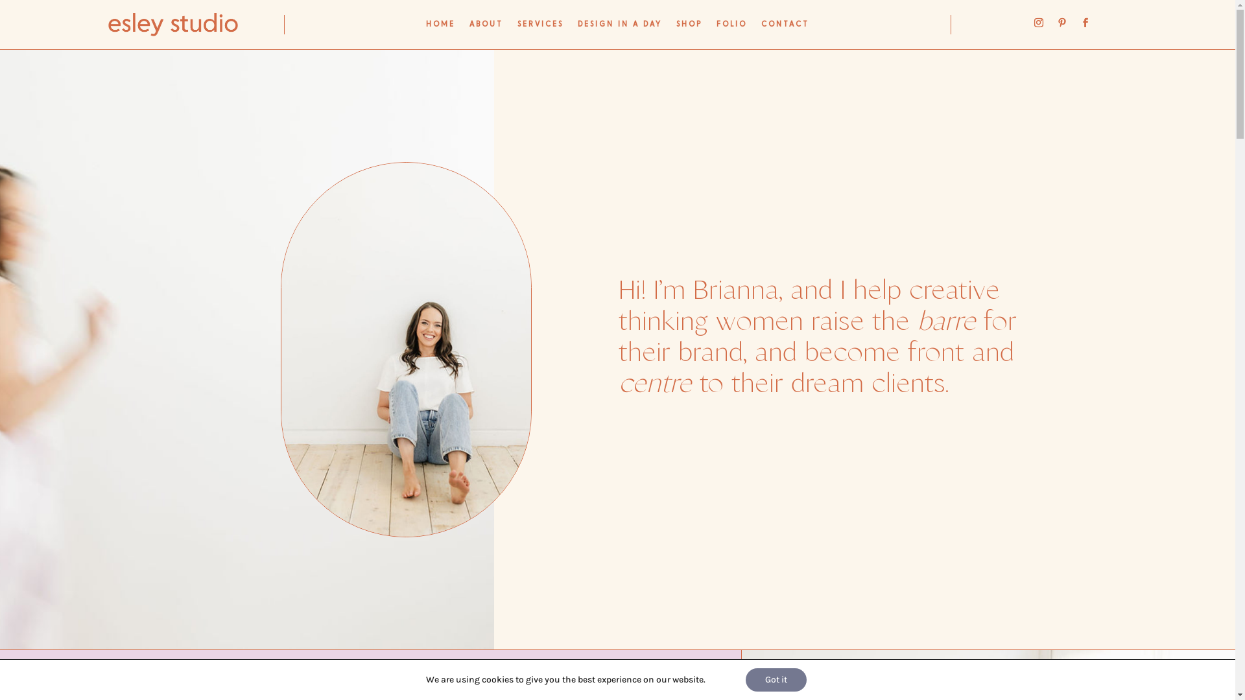  Describe the element at coordinates (485, 27) in the screenshot. I see `'ABOUT'` at that location.